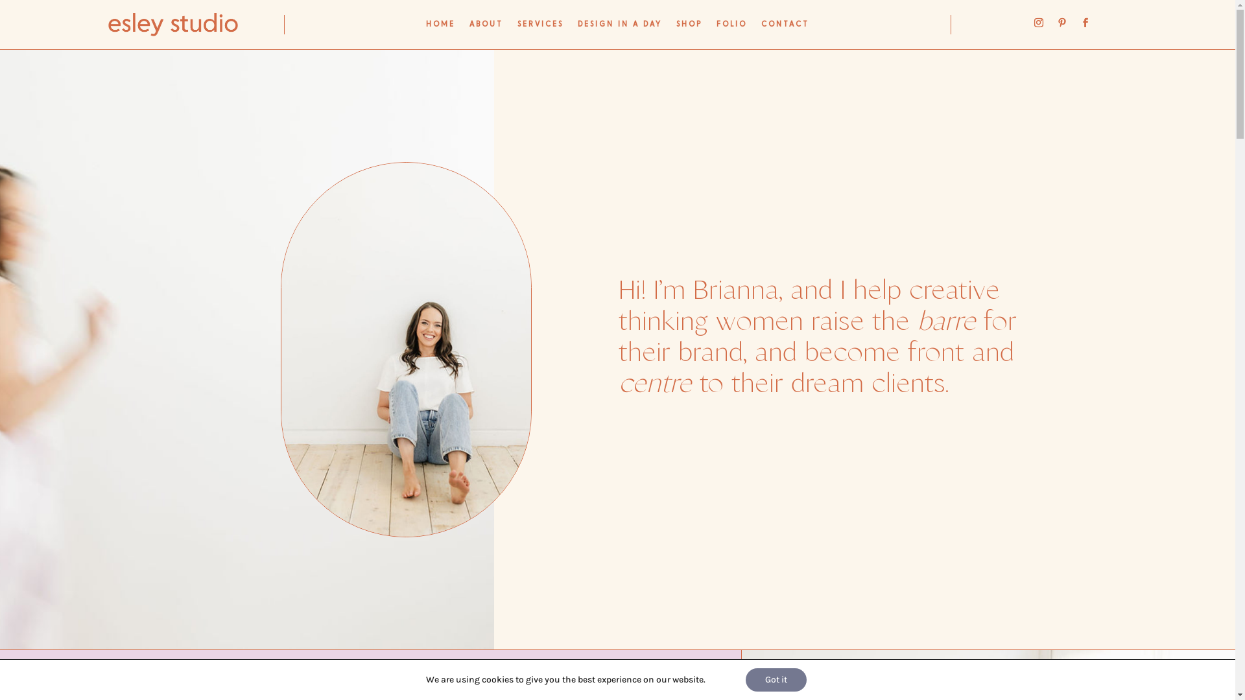  Describe the element at coordinates (485, 27) in the screenshot. I see `'ABOUT'` at that location.